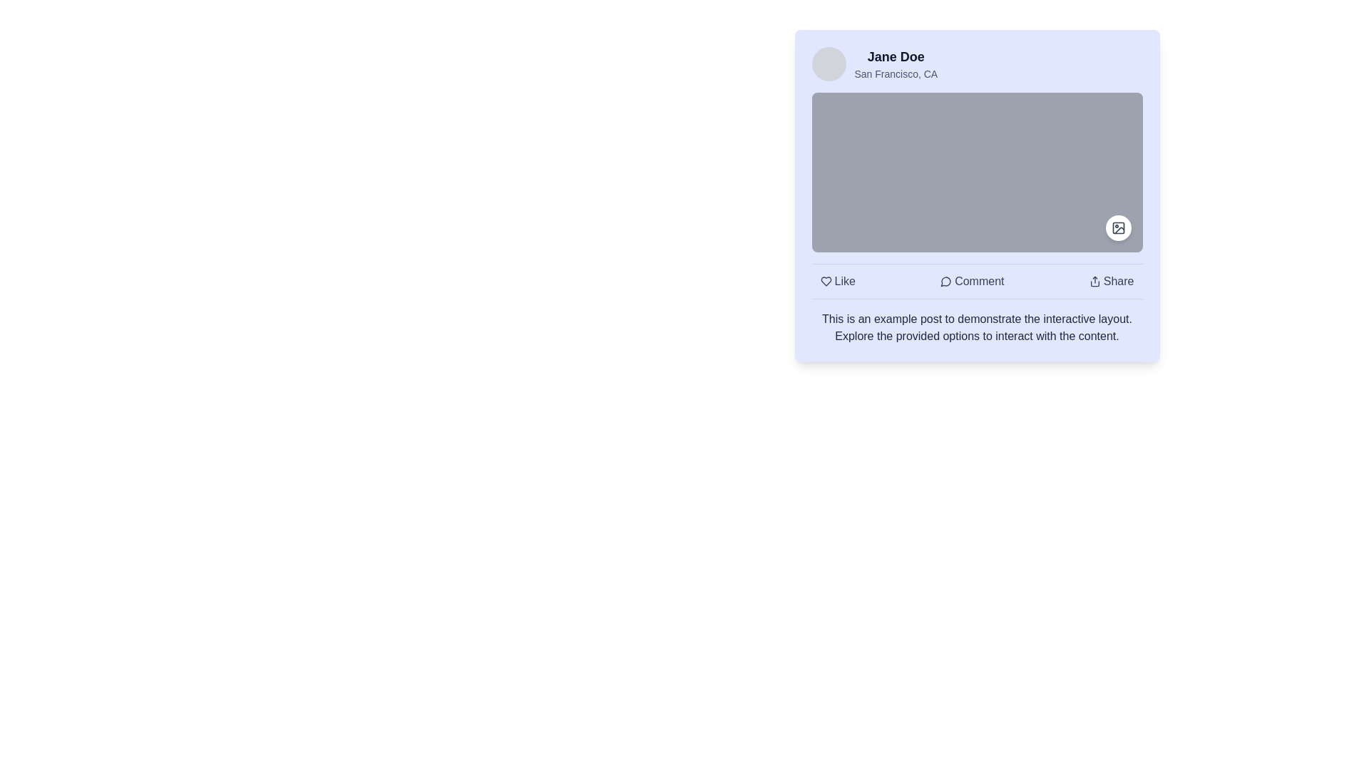 Image resolution: width=1369 pixels, height=770 pixels. What do you see at coordinates (895, 74) in the screenshot?
I see `the text label providing the location description 'San Francisco, CA', which is positioned directly below the sibling text 'Jane Doe'` at bounding box center [895, 74].